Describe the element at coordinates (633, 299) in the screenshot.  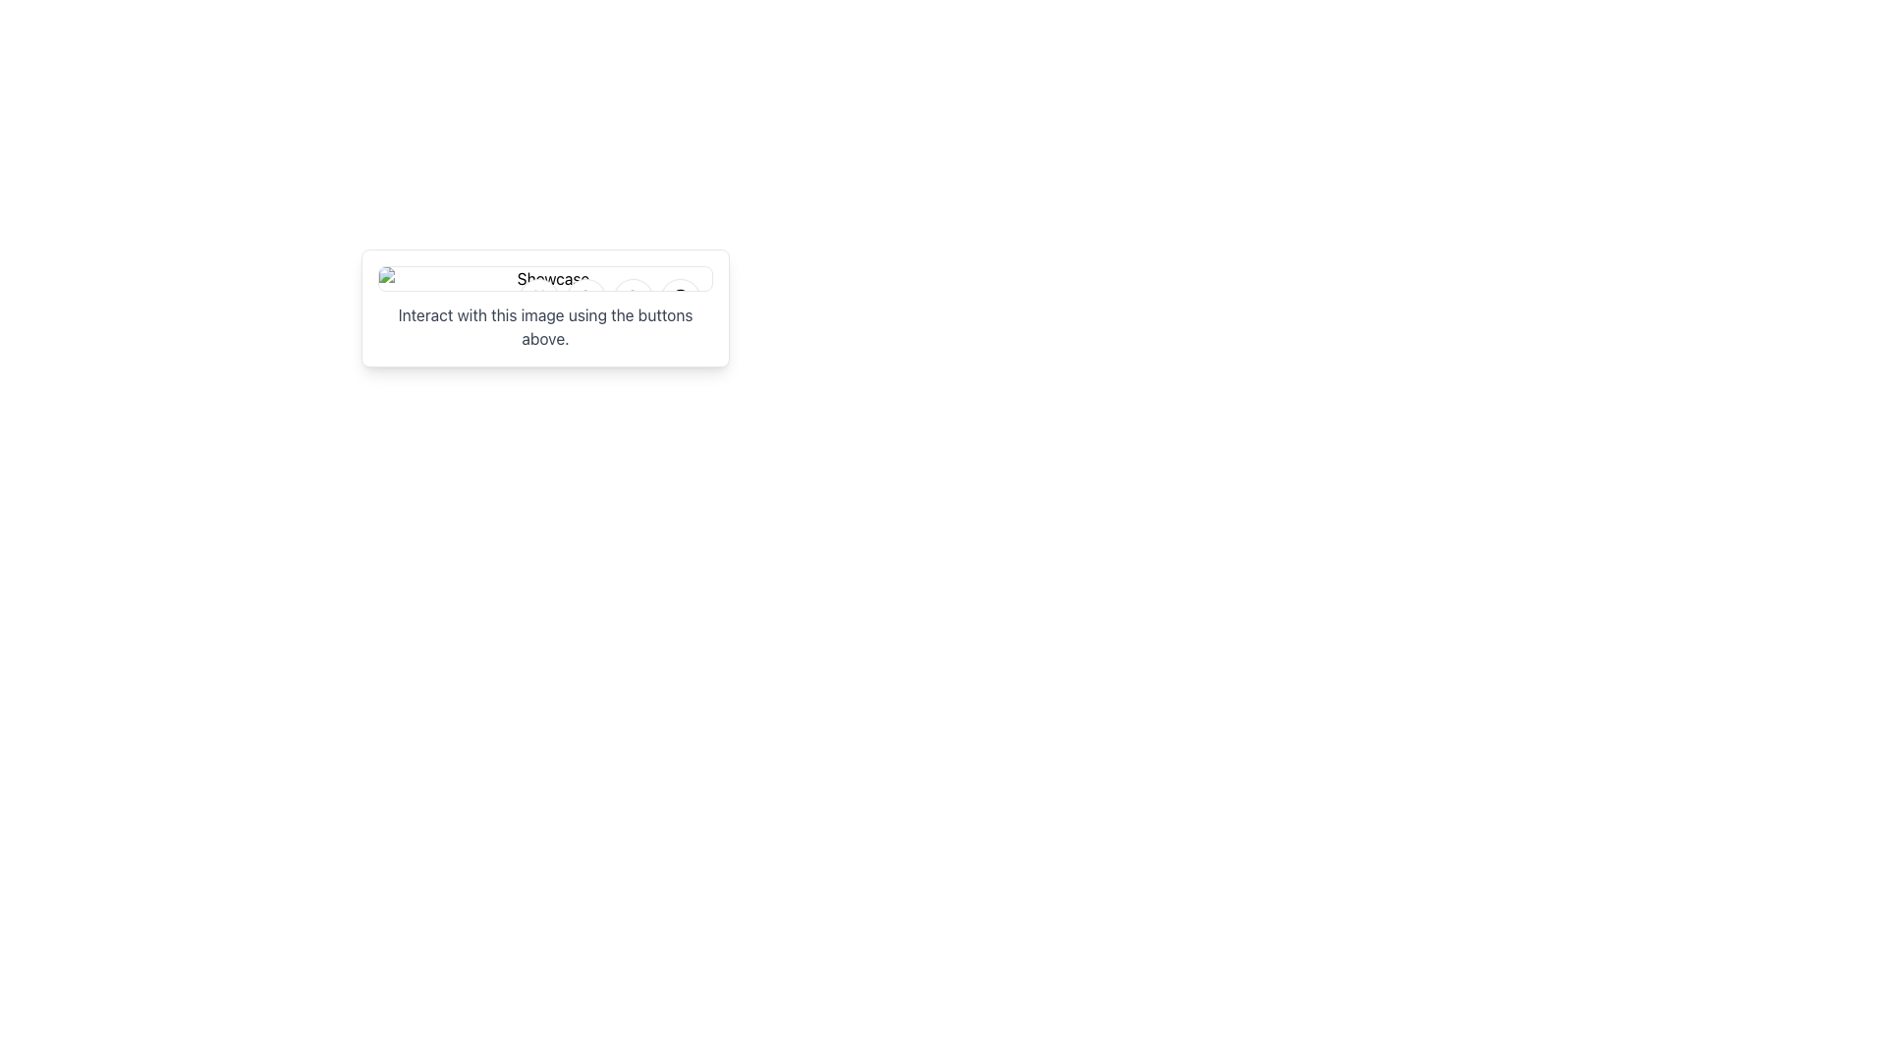
I see `the zoom-out icon located in the center of a white circular button` at that location.